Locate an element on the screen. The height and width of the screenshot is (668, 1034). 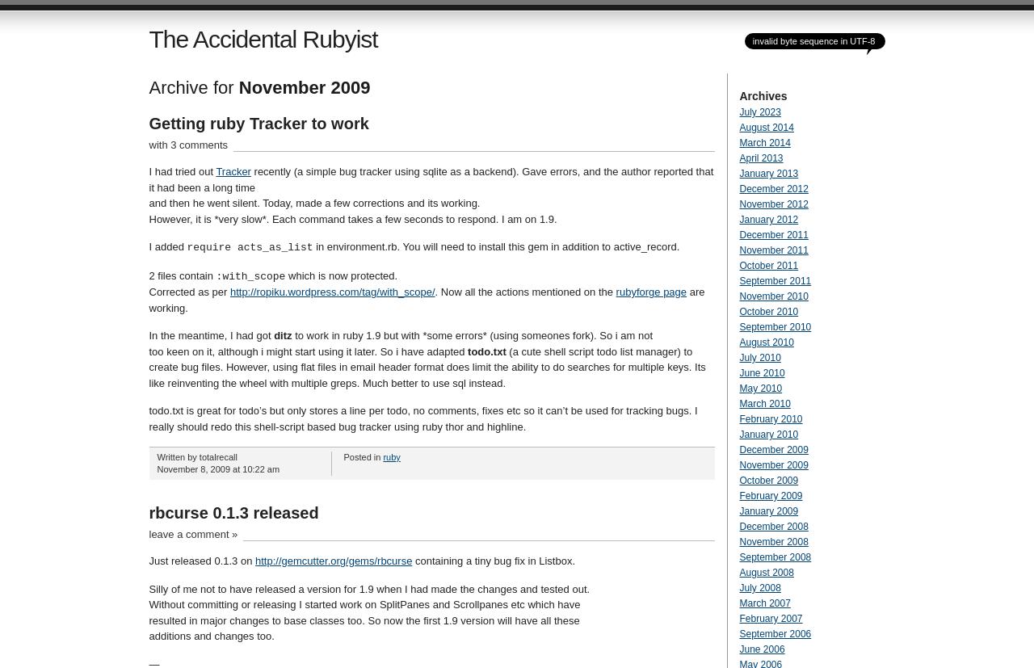
'November 2011' is located at coordinates (738, 249).